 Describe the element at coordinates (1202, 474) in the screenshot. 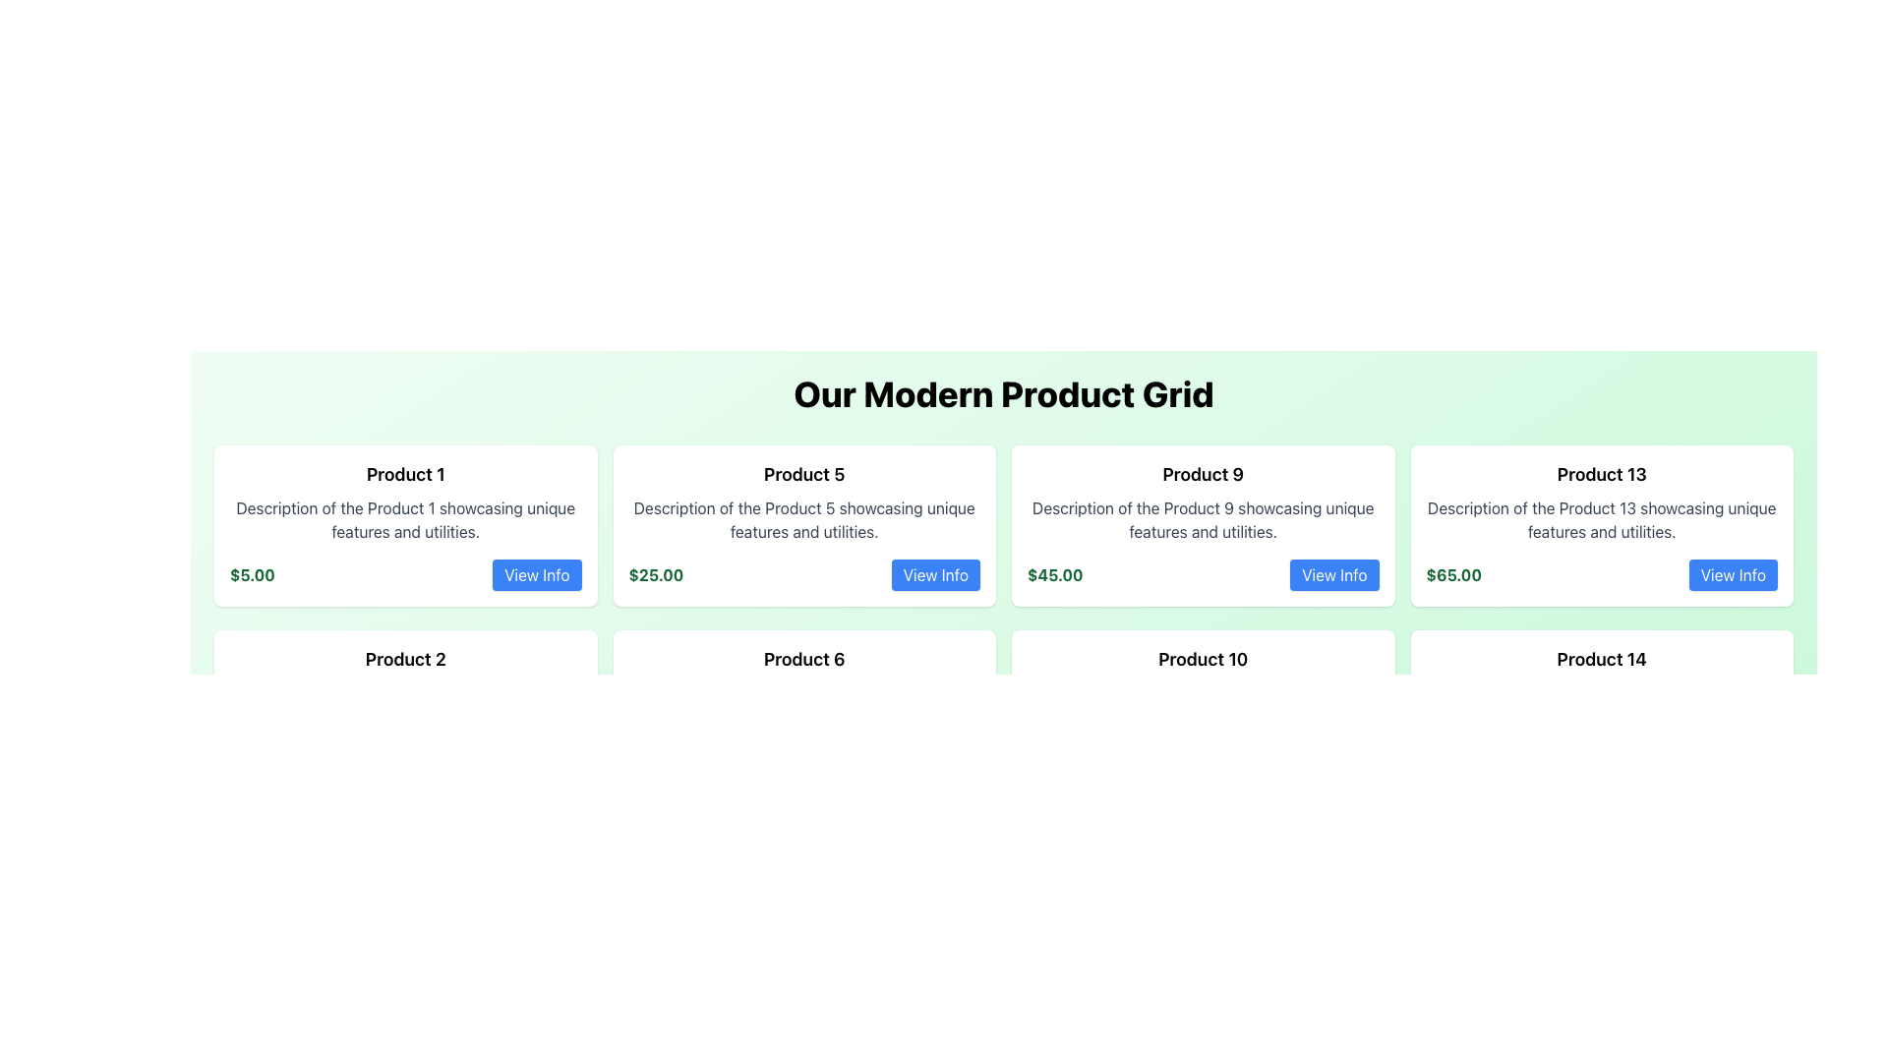

I see `the text label that reads 'Product 9', which is styled in bold font and located at the top of the third card in the first row of a grid layout` at that location.